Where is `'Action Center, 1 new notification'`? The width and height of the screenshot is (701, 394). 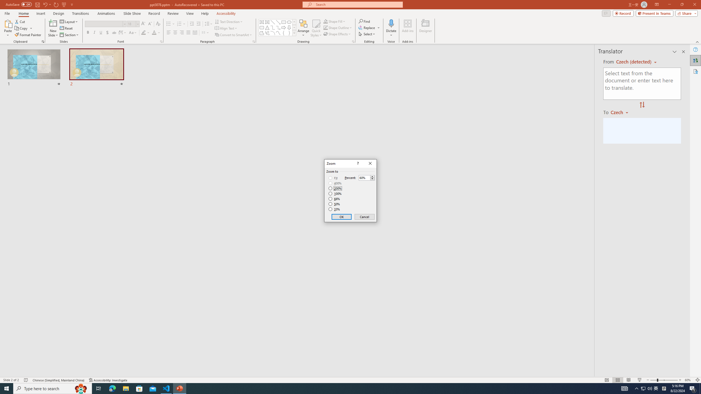
'Action Center, 1 new notification' is located at coordinates (693, 388).